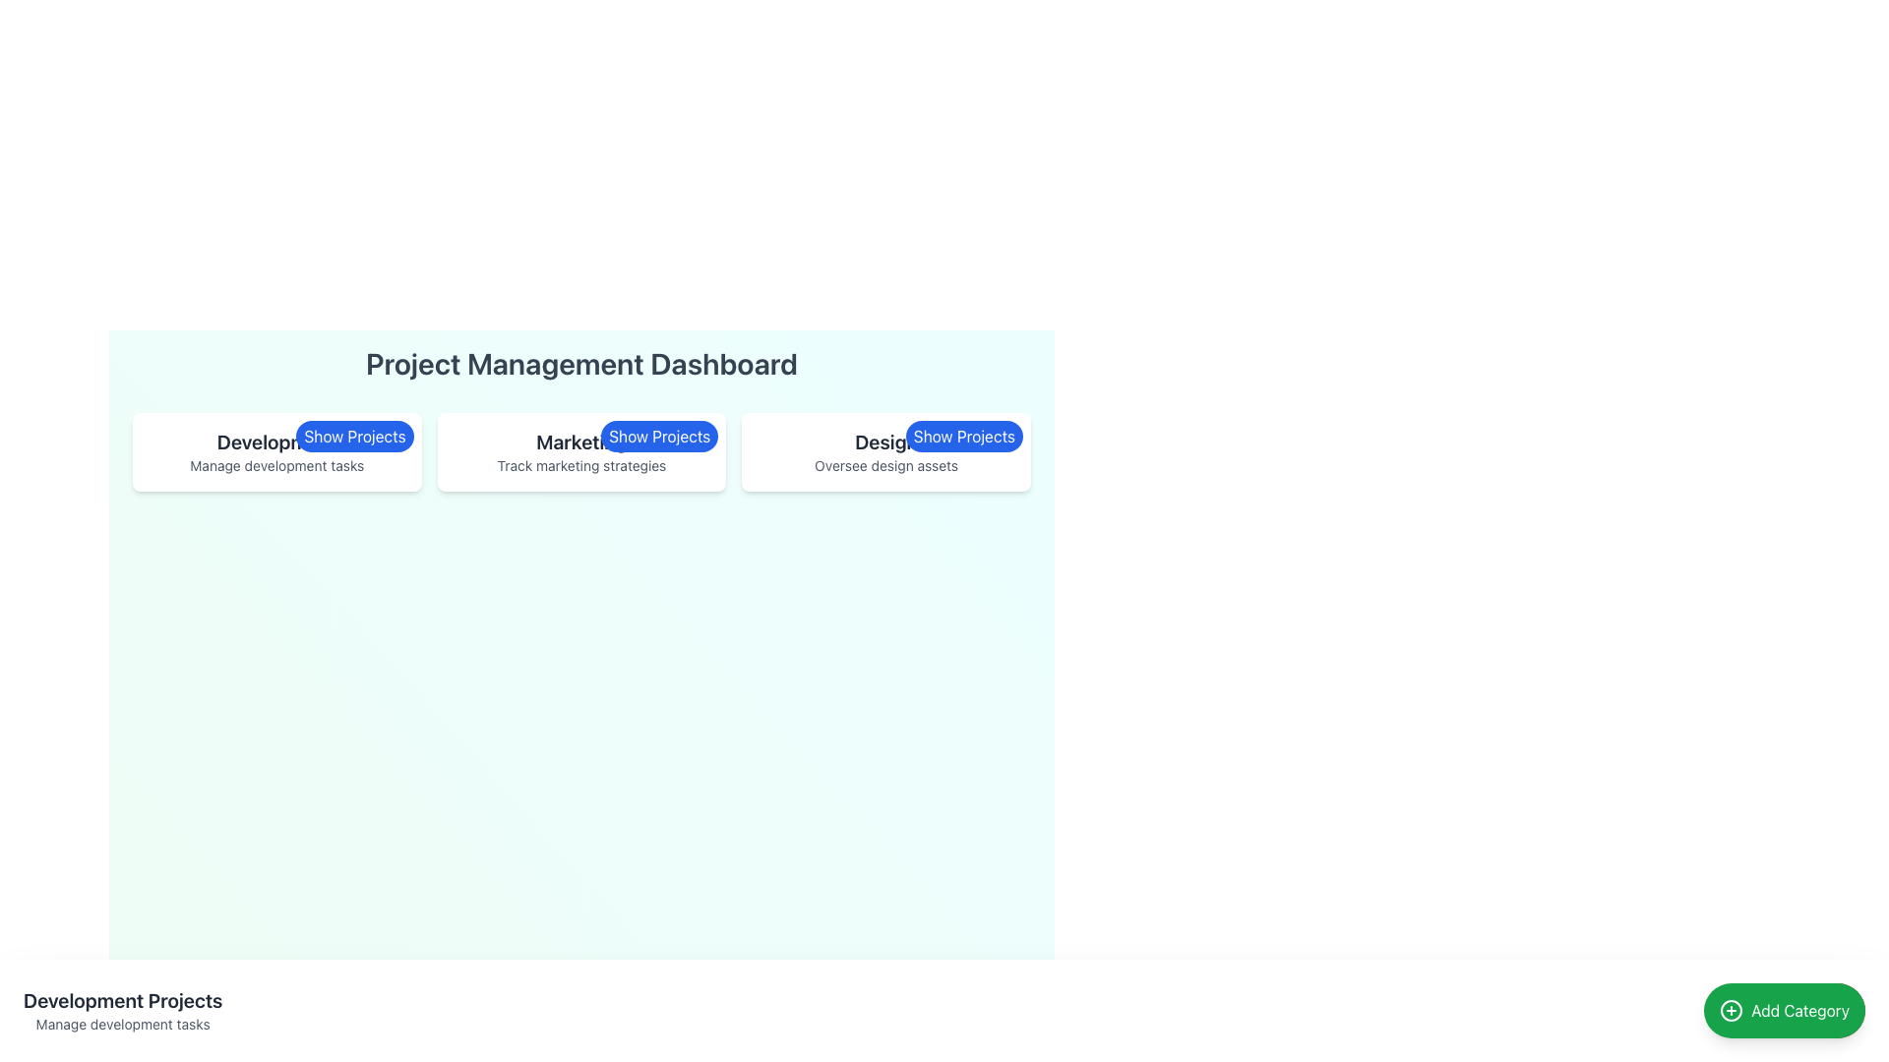  What do you see at coordinates (275, 466) in the screenshot?
I see `the text label that displays 'Manage development tasks', which is located under the 'Development' header in the white card` at bounding box center [275, 466].